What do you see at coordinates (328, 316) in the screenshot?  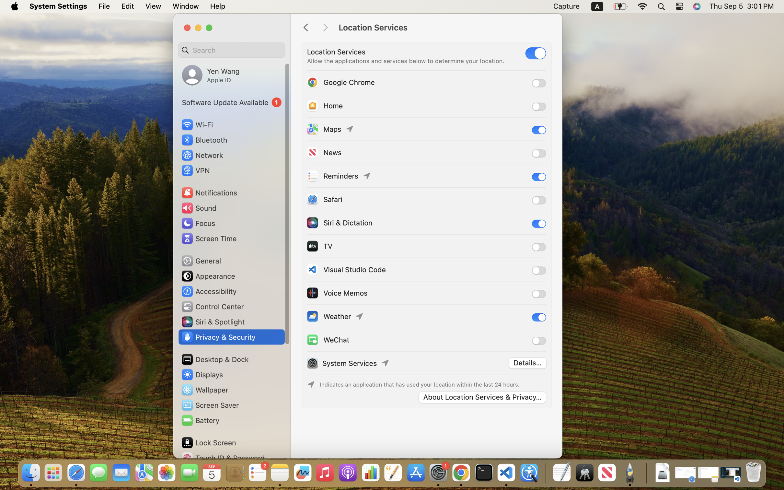 I see `'Weather'` at bounding box center [328, 316].